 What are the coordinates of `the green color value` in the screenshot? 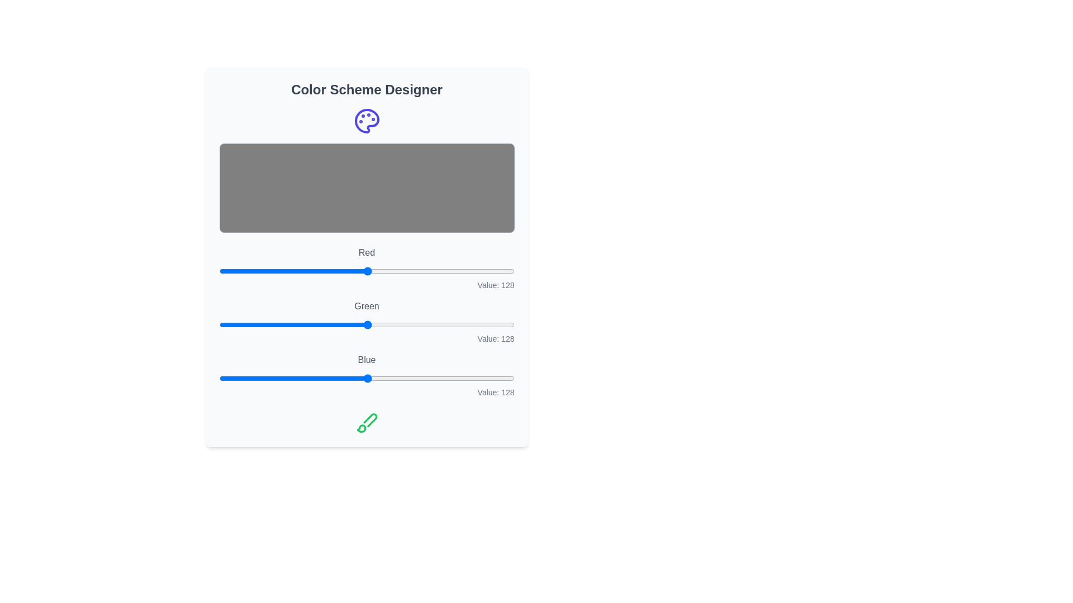 It's located at (501, 325).